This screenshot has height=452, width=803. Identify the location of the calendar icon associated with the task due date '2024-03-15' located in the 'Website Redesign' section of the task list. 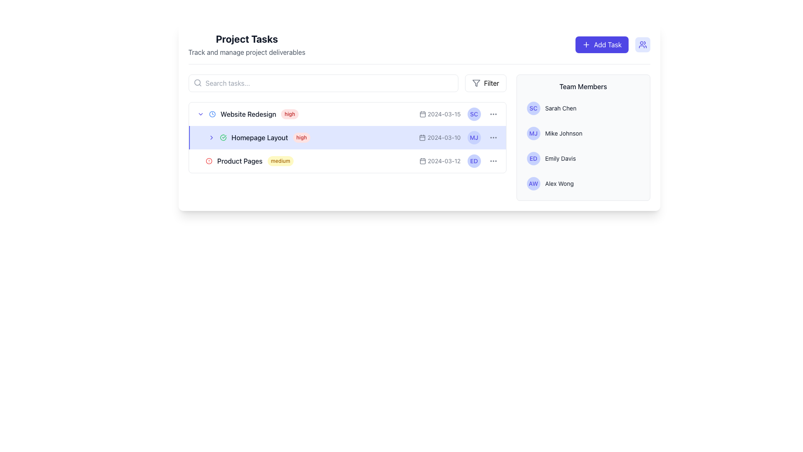
(422, 114).